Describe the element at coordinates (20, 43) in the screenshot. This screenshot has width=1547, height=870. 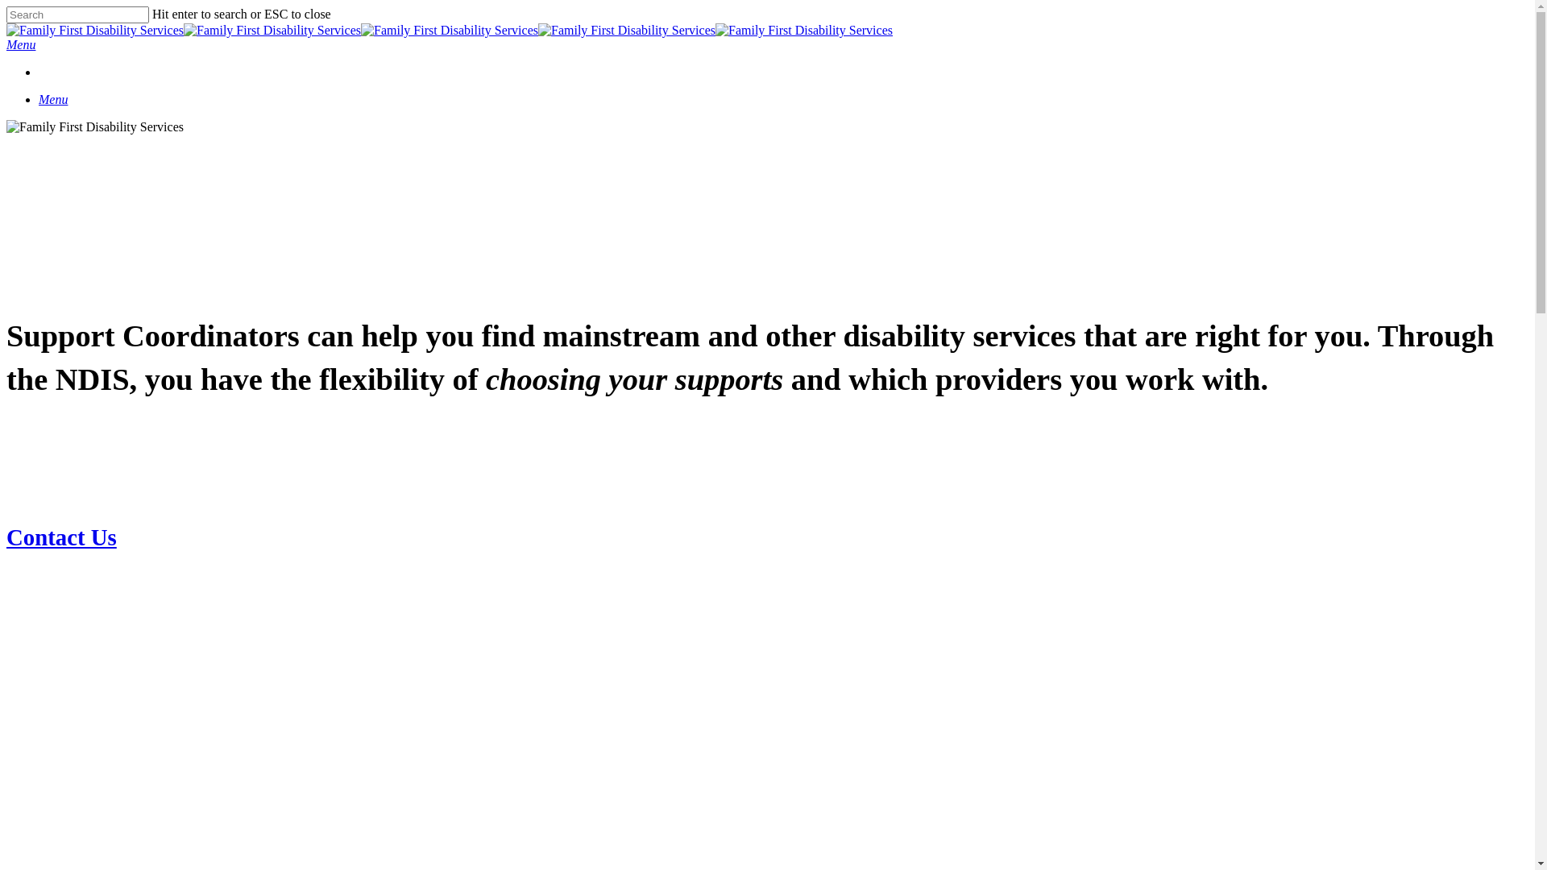
I see `'Menu'` at that location.